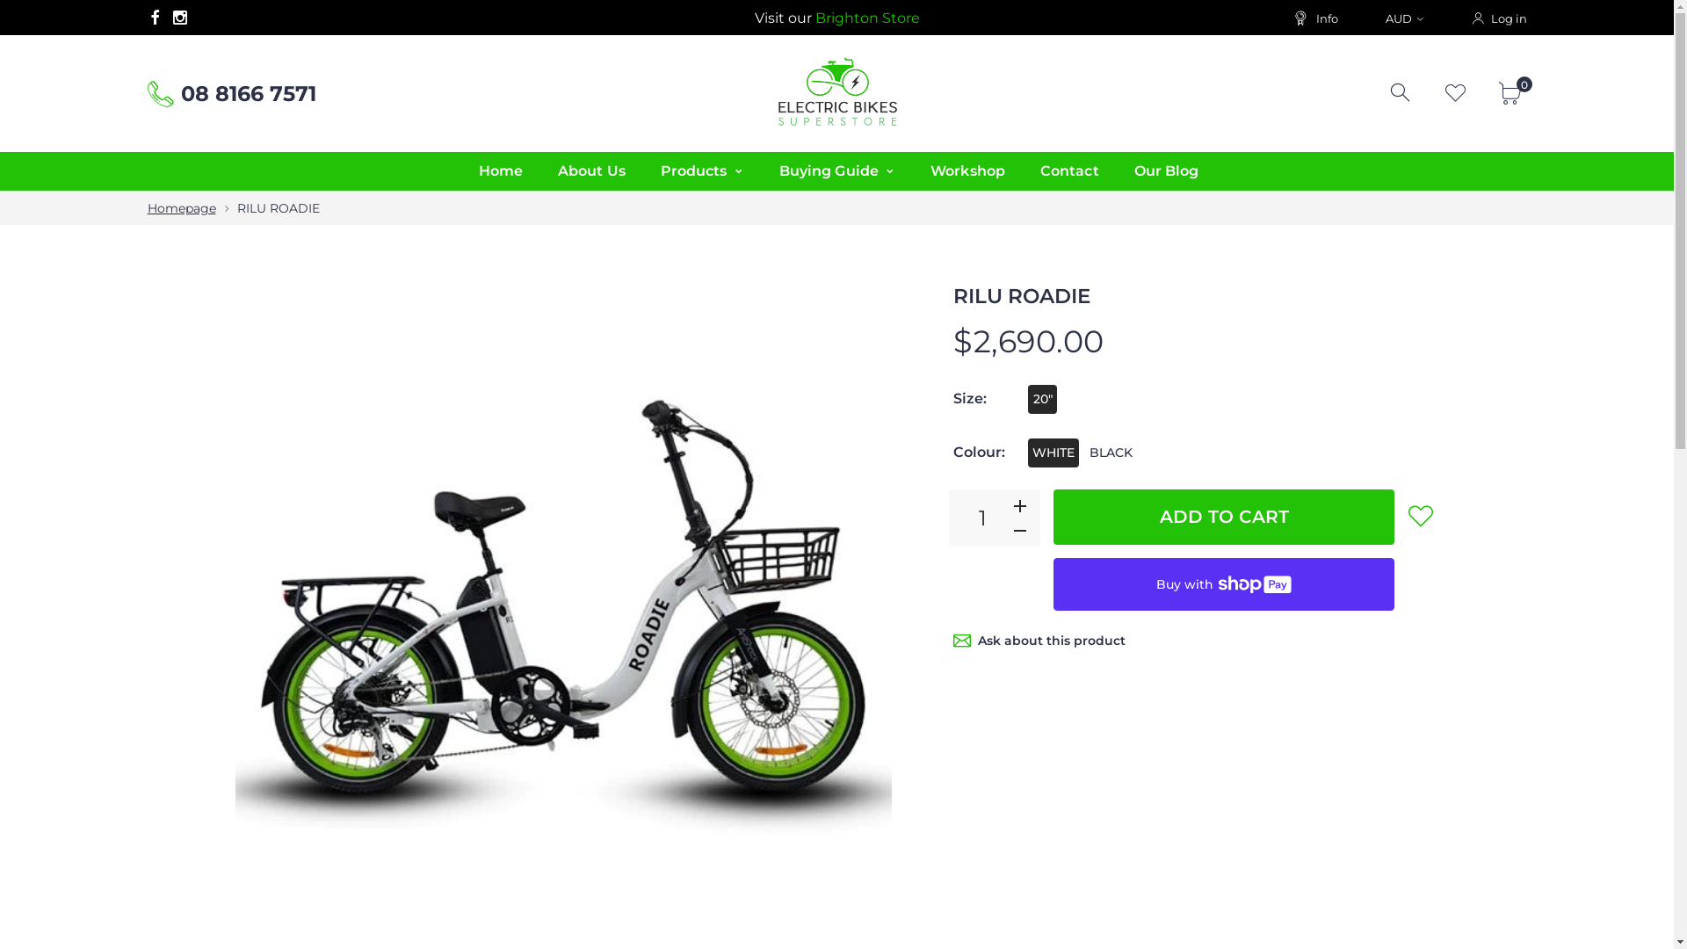 This screenshot has width=1687, height=949. I want to click on 'Contact', so click(1068, 171).